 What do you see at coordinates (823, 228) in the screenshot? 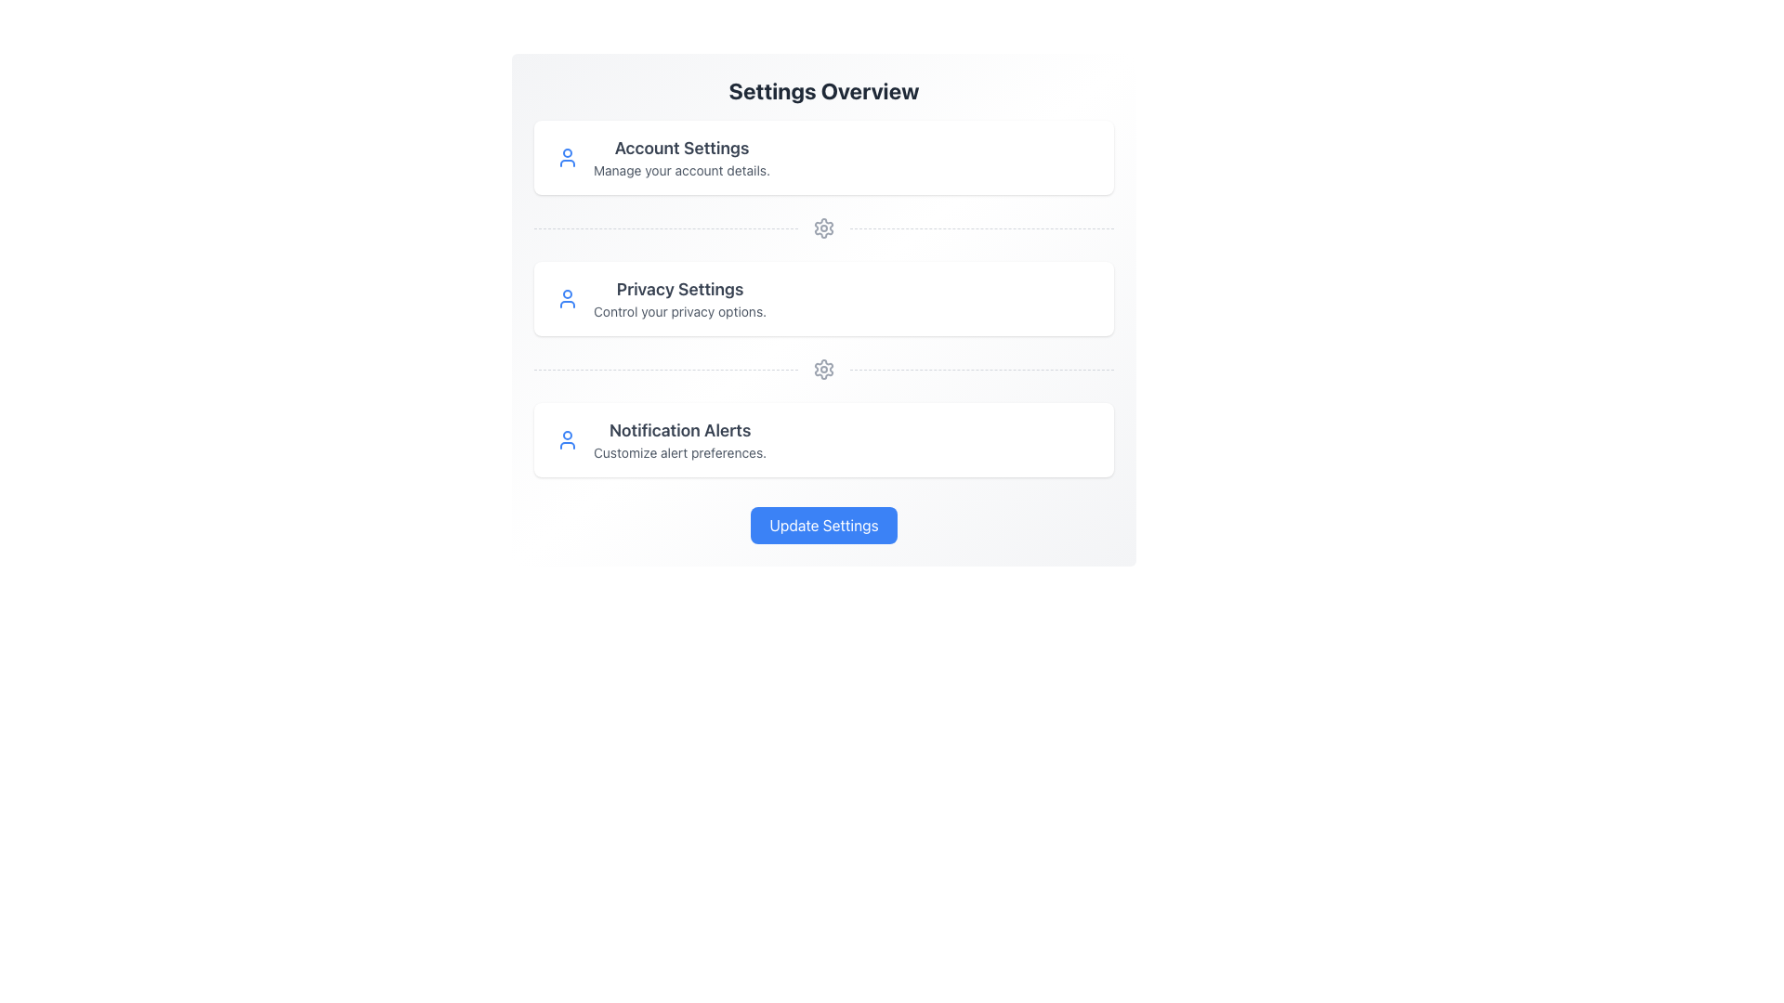
I see `the gear icon located at the center of the horizontal dashed line separator between the 'Account Settings' and 'Privacy Settings' sections` at bounding box center [823, 228].